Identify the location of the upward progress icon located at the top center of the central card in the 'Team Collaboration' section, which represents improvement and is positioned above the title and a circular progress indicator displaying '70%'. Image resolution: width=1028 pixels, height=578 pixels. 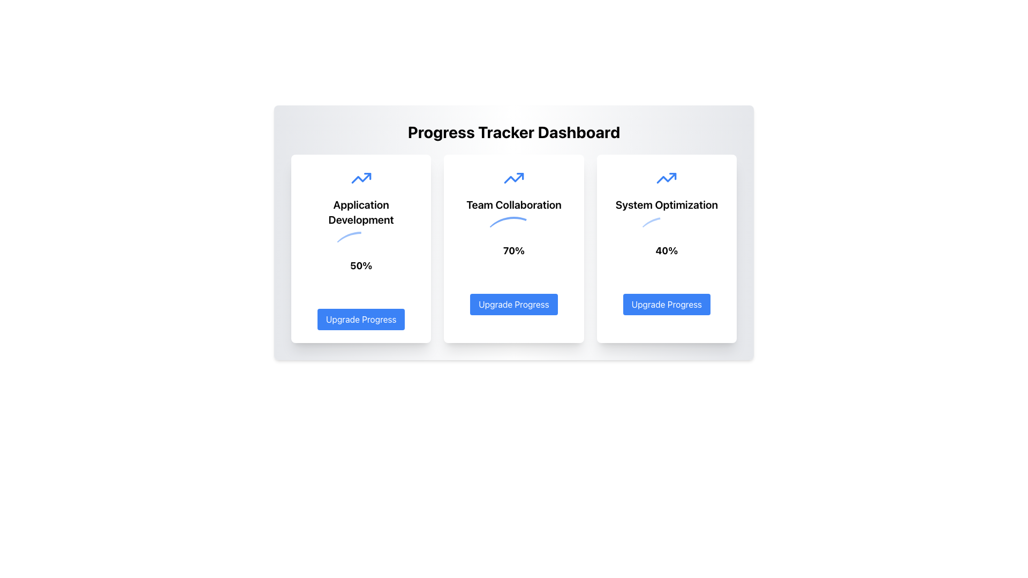
(514, 177).